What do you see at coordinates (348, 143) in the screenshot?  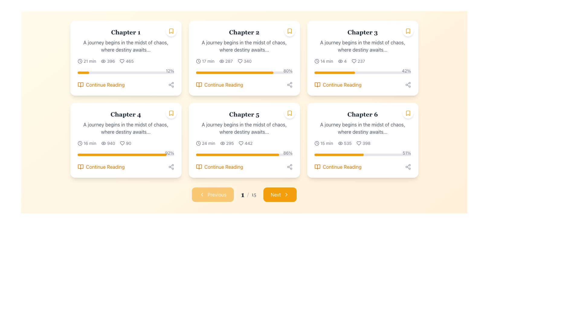 I see `the static text element displaying '535' which indicates the view count, located to the right of the eye icon in the 'Chapter 6' card` at bounding box center [348, 143].